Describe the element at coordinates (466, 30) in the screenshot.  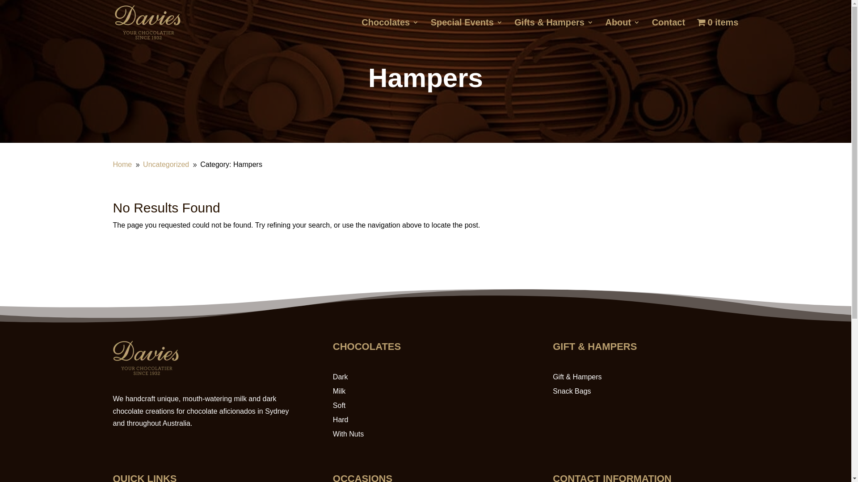
I see `'Special Events'` at that location.